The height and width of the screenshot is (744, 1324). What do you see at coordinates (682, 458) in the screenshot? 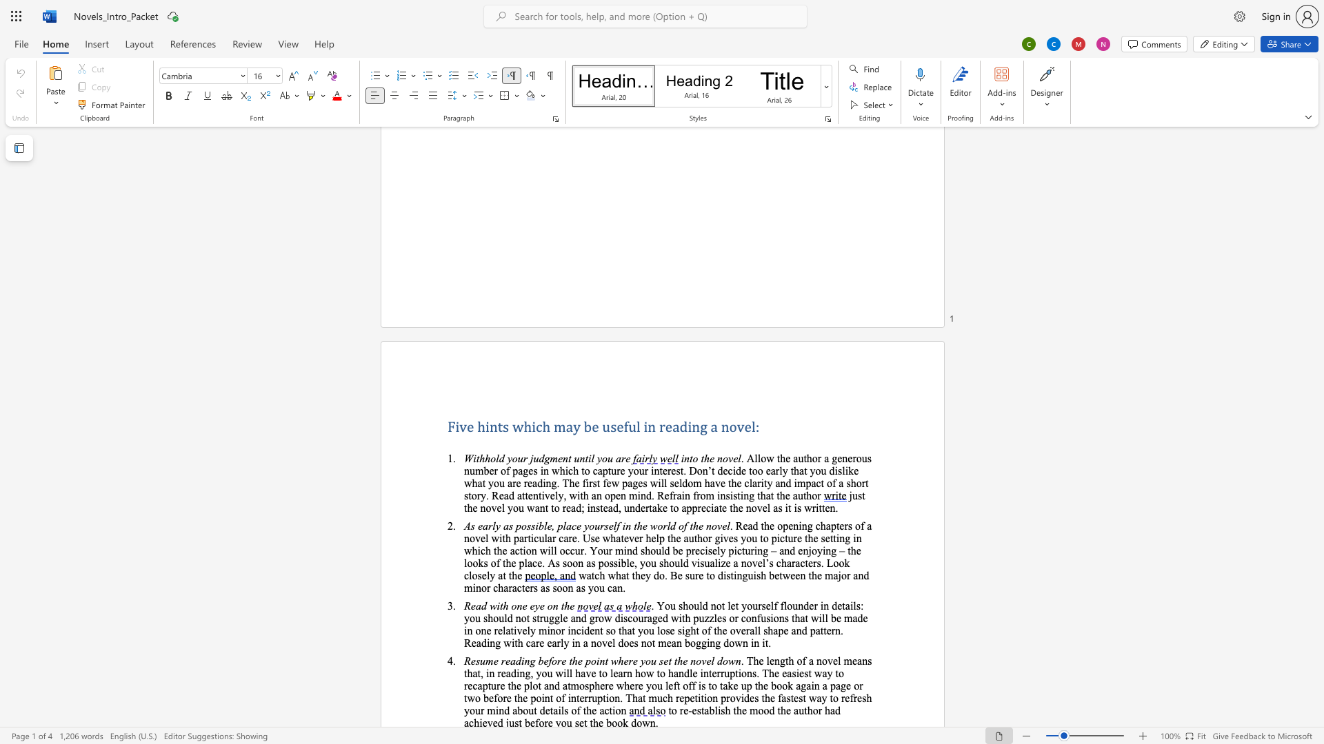
I see `the 1th character "i" in the text` at bounding box center [682, 458].